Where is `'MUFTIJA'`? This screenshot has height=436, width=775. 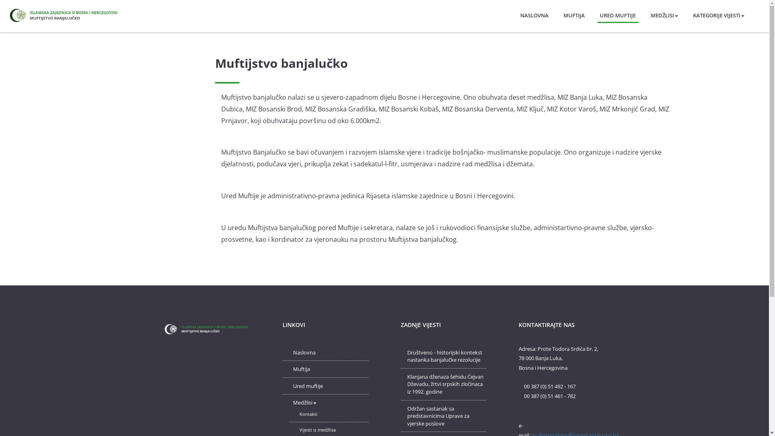
'MUFTIJA' is located at coordinates (574, 13).